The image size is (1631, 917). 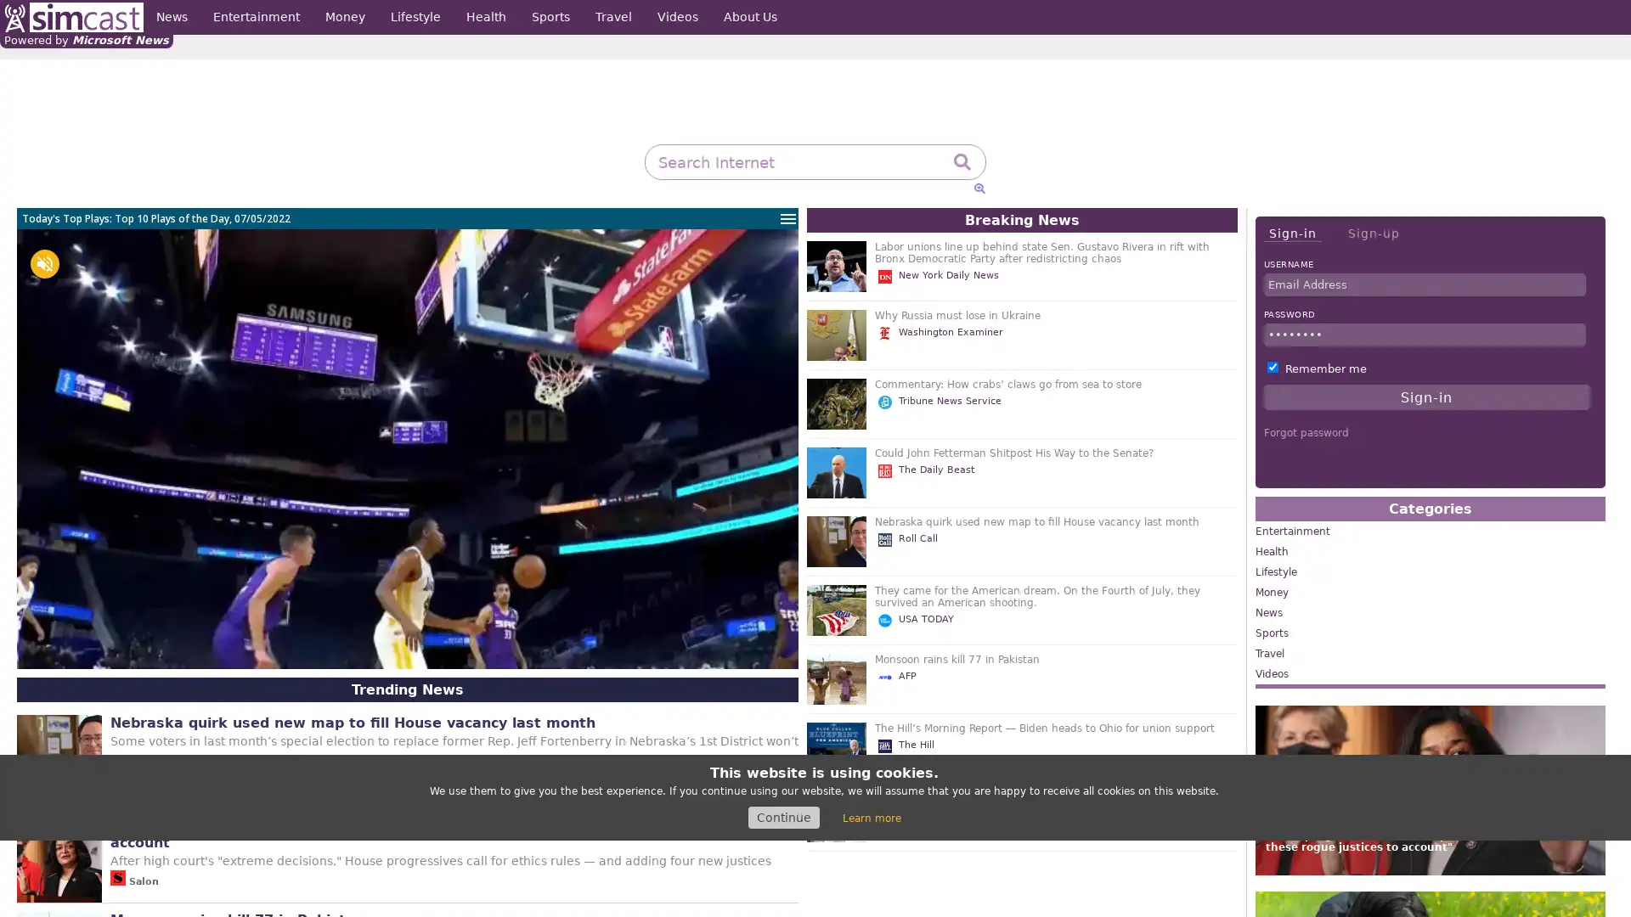 I want to click on volume_offvolume_up, so click(x=44, y=264).